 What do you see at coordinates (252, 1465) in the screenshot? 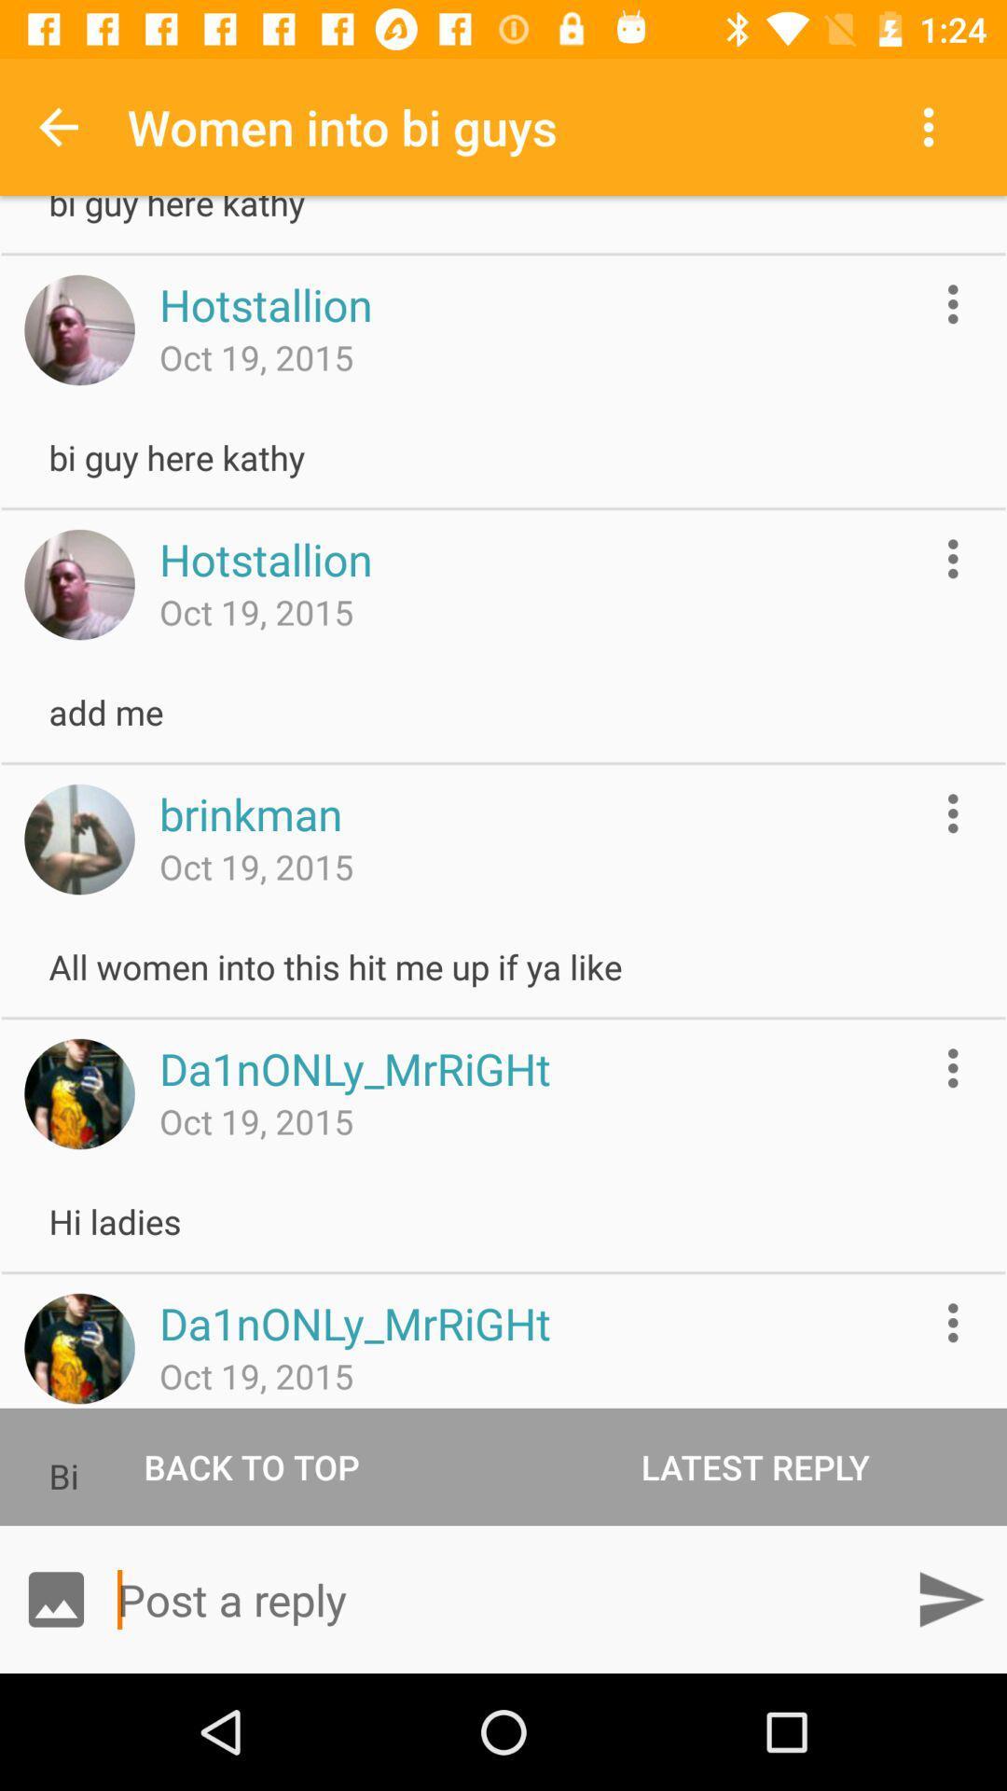
I see `back to top item` at bounding box center [252, 1465].